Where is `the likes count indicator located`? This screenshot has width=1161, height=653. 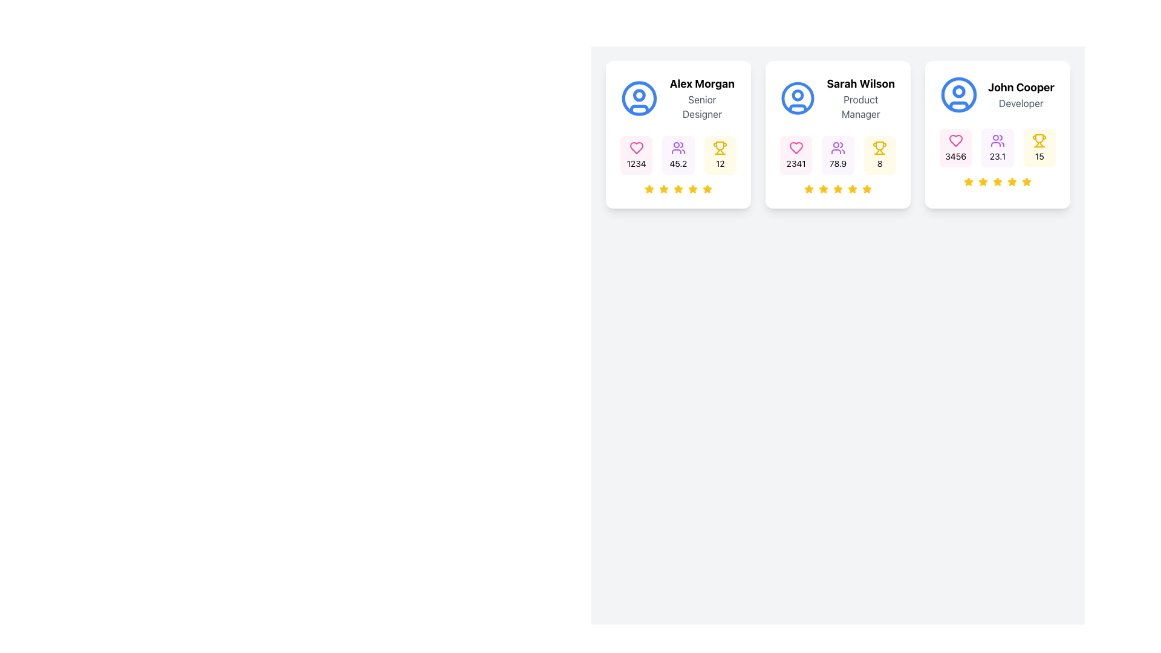
the likes count indicator located is located at coordinates (954, 148).